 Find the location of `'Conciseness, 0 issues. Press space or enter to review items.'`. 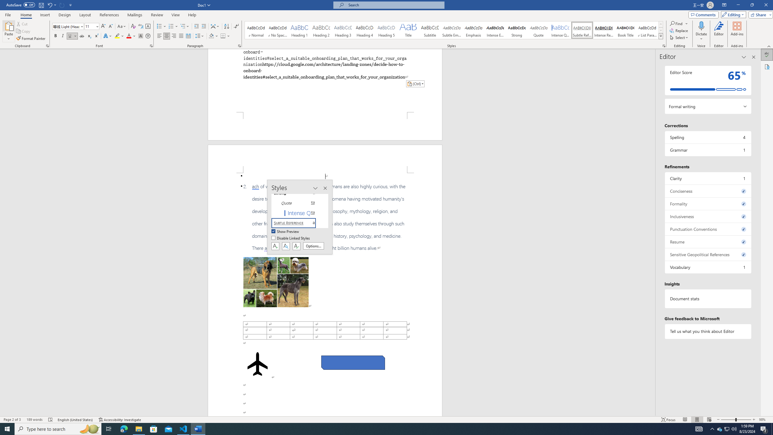

'Conciseness, 0 issues. Press space or enter to review items.' is located at coordinates (707, 191).